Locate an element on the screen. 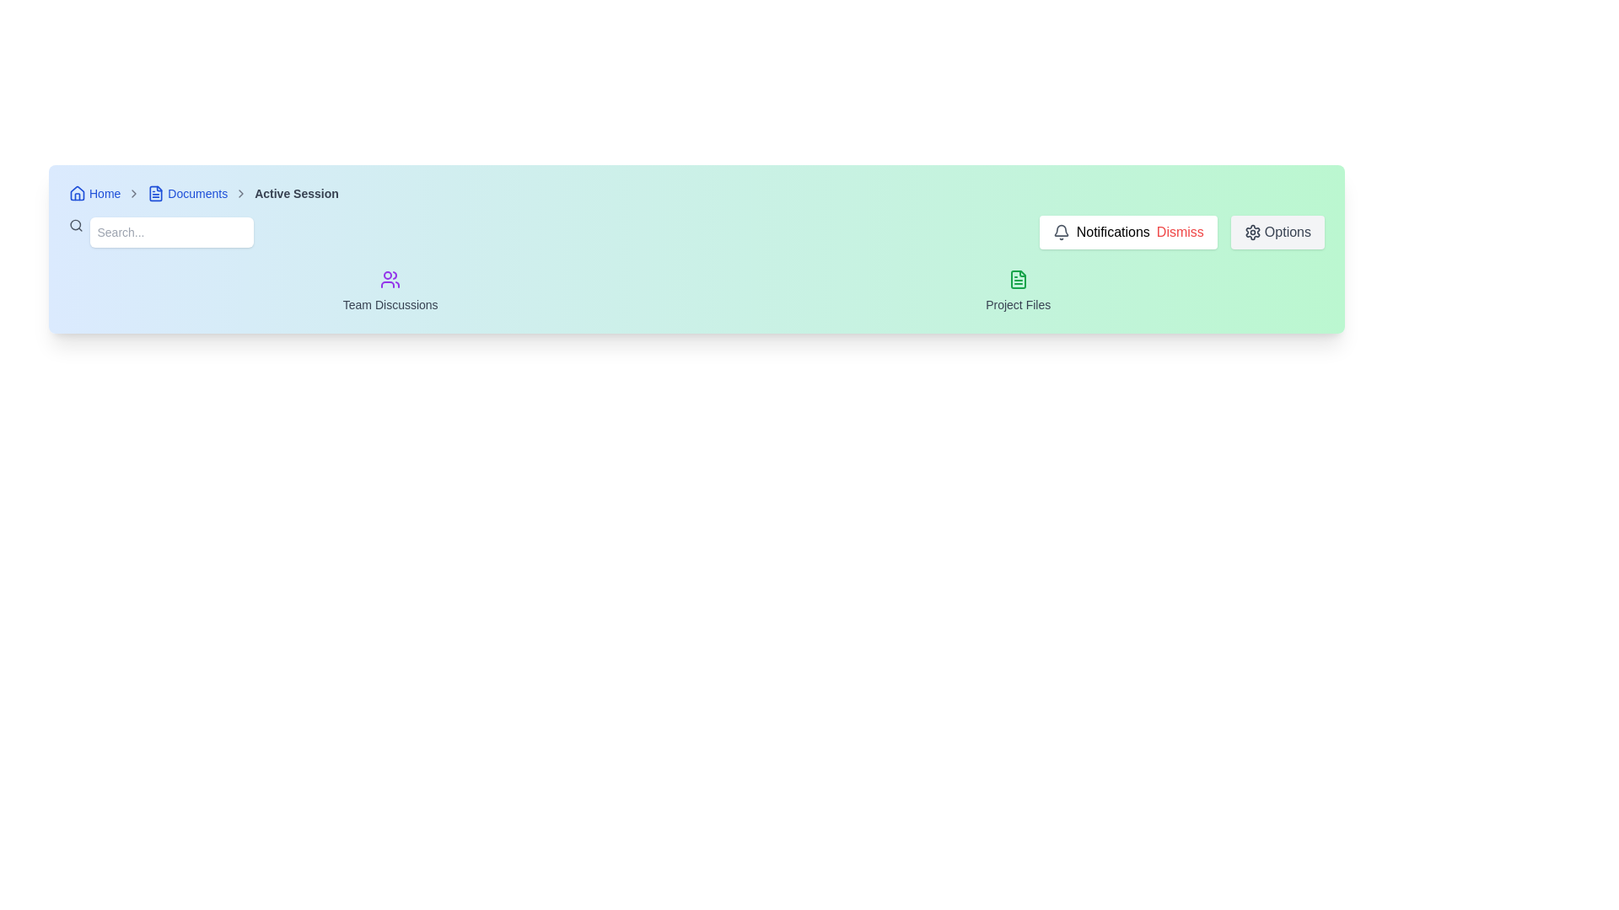 Image resolution: width=1619 pixels, height=910 pixels. the notification icon located at the top-right corner of the interface is located at coordinates (1060, 233).